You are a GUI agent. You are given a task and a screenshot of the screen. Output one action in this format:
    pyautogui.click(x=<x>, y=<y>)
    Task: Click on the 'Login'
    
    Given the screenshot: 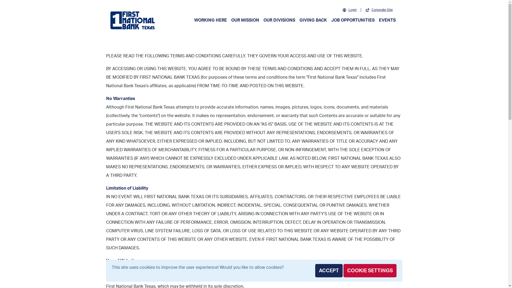 What is the action you would take?
    pyautogui.click(x=338, y=10)
    